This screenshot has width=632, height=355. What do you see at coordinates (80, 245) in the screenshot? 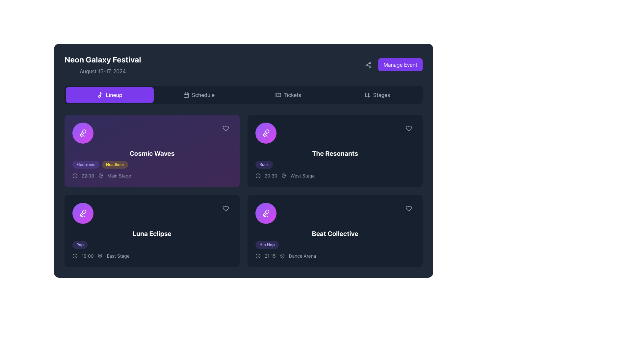
I see `information contained in the small, rounded rectangular label with a purple background and the text 'Pop' located at the bottom-left corner of the event card titled 'Luna Eclipse'` at bounding box center [80, 245].